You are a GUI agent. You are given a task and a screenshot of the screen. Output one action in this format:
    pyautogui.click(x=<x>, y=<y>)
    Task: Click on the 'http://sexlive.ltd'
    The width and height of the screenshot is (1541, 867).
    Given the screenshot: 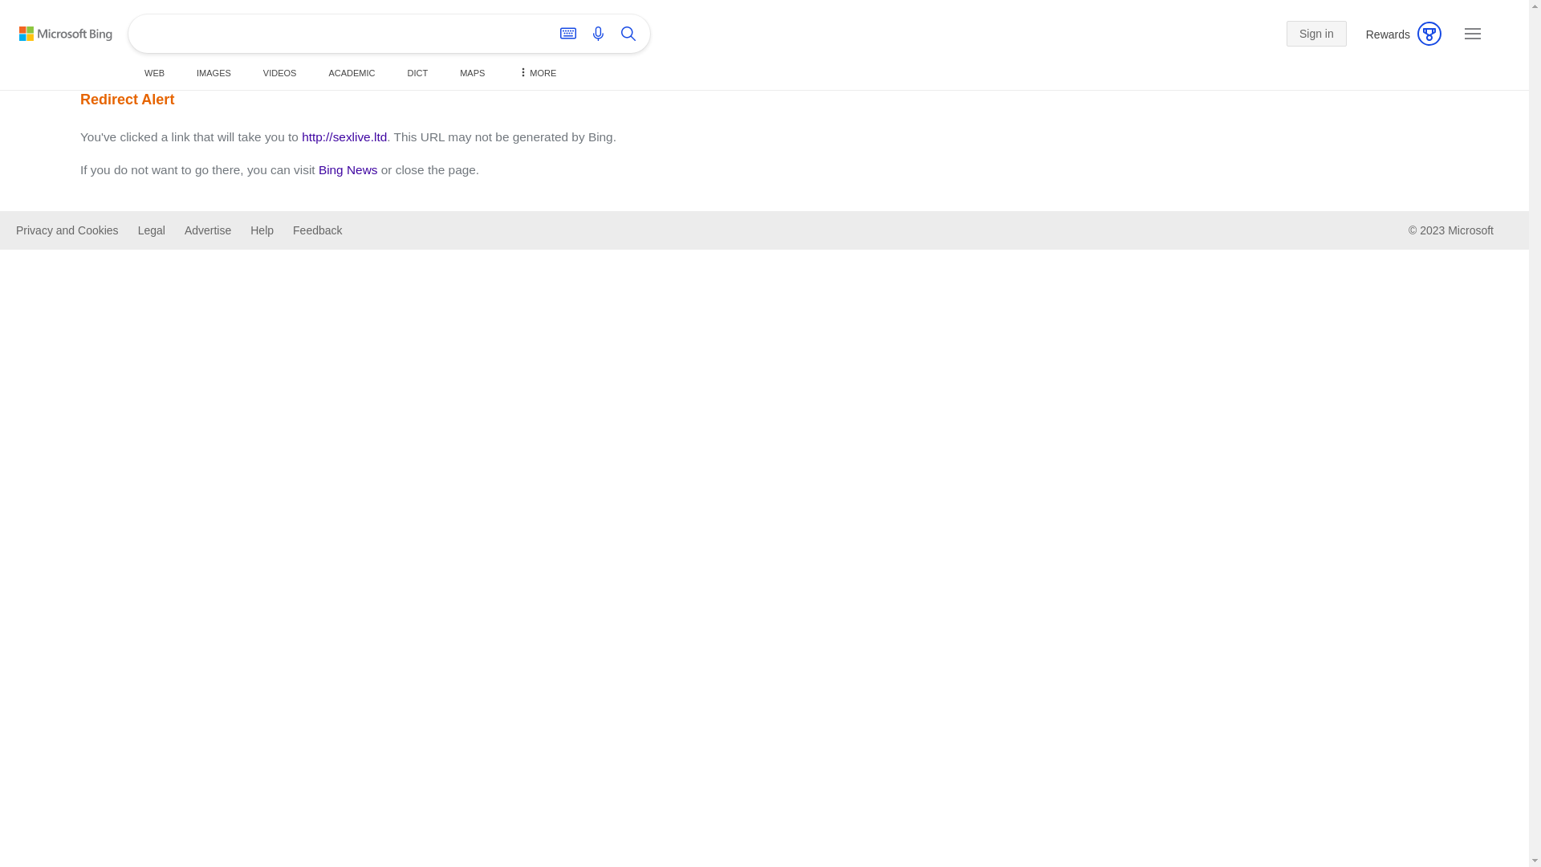 What is the action you would take?
    pyautogui.click(x=301, y=136)
    